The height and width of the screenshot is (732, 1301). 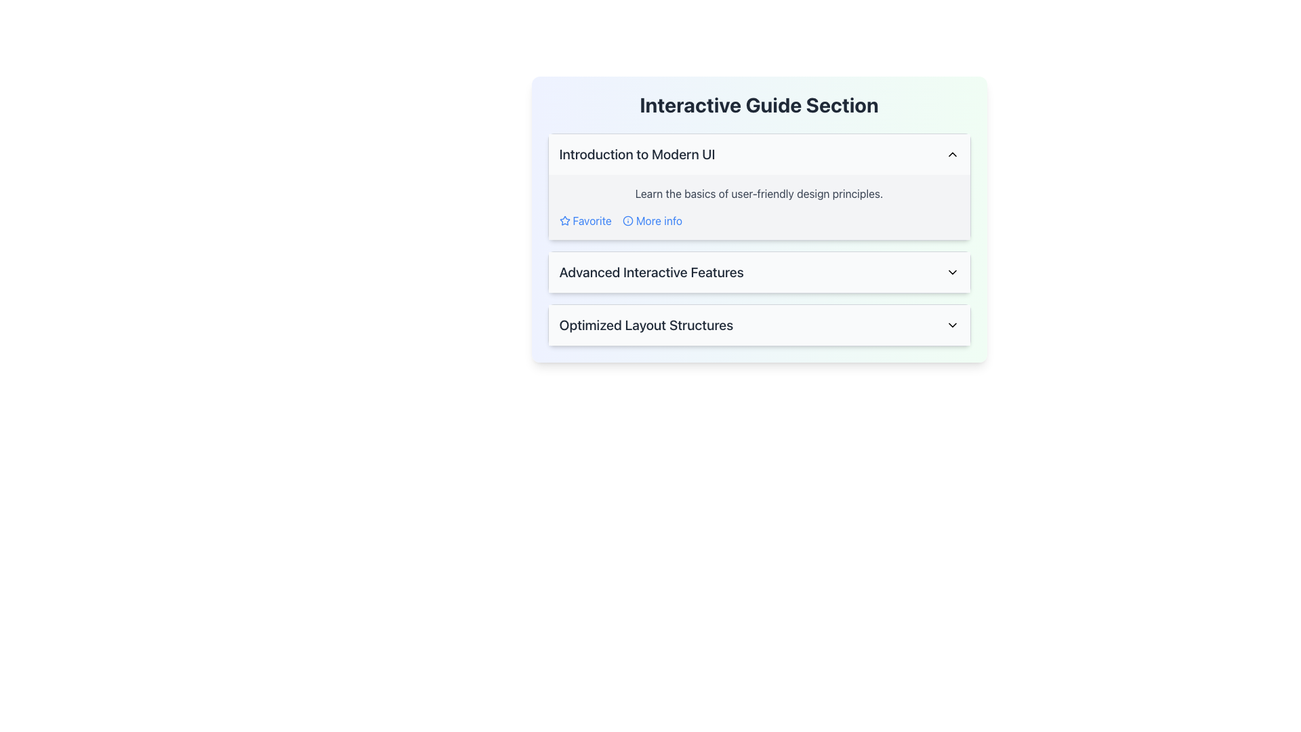 I want to click on the chevron-down icon located at the far right of the 'Optimized Layout Structures' header, so click(x=951, y=325).